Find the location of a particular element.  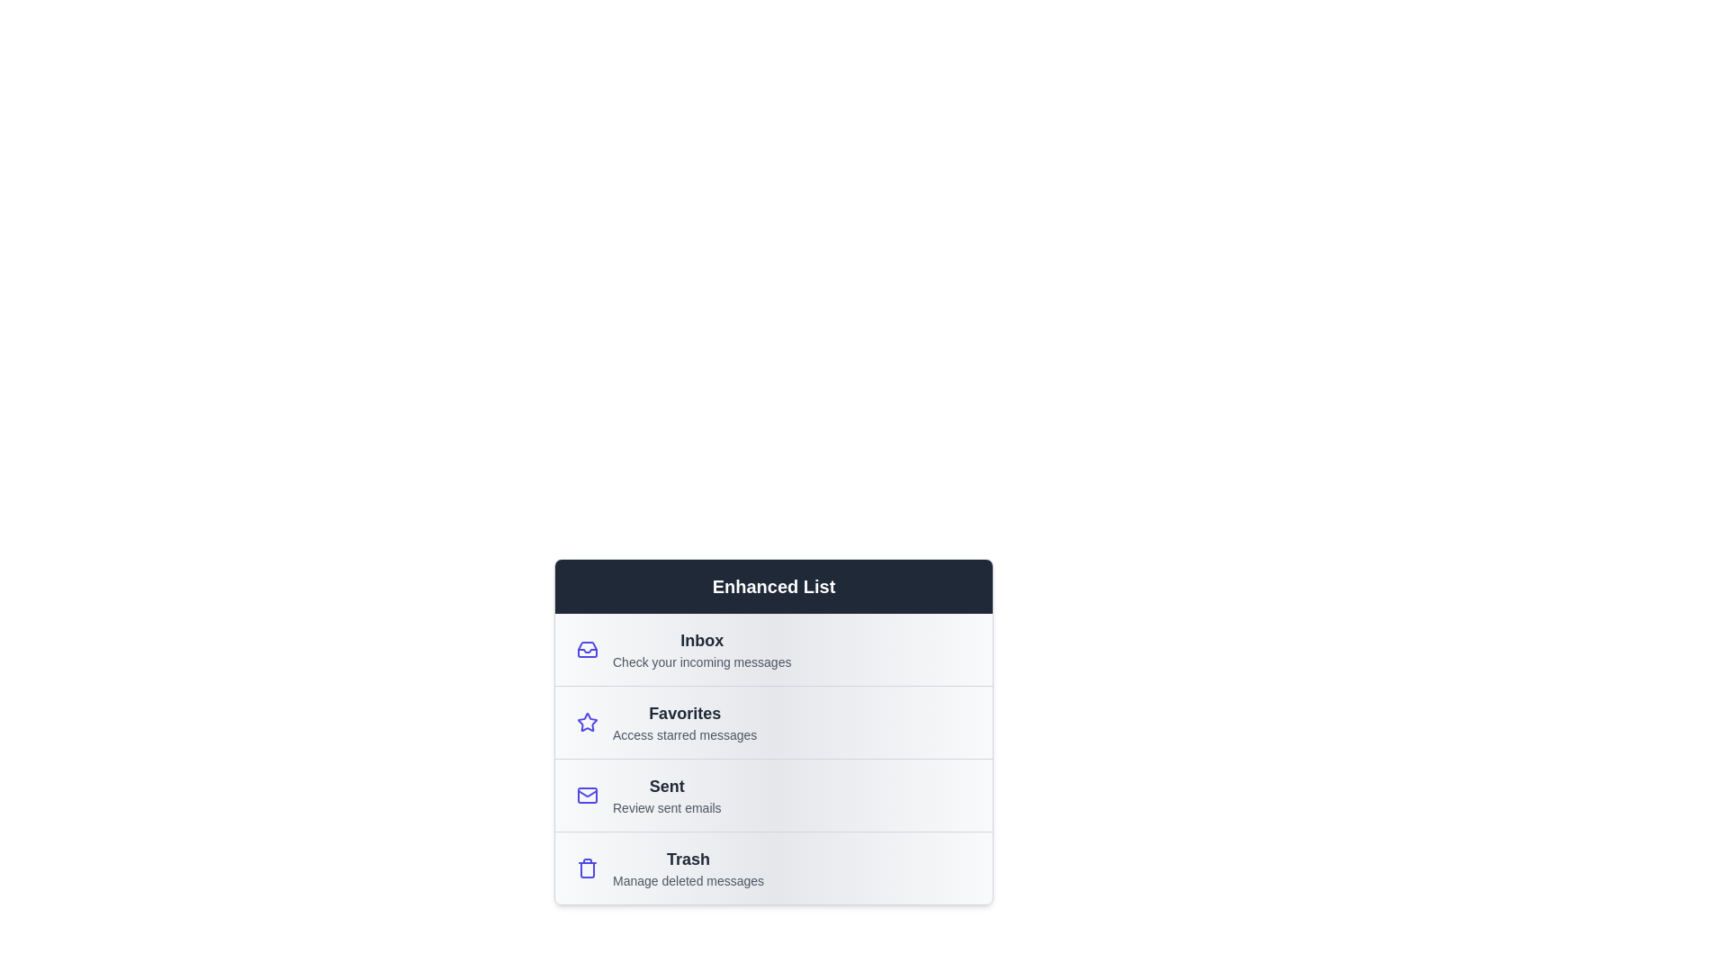

the descriptive Text Label located underneath the 'Sent' label, which provides additional information about the functionality of the 'Sent' section for reviewing sent emails is located at coordinates (666, 807).